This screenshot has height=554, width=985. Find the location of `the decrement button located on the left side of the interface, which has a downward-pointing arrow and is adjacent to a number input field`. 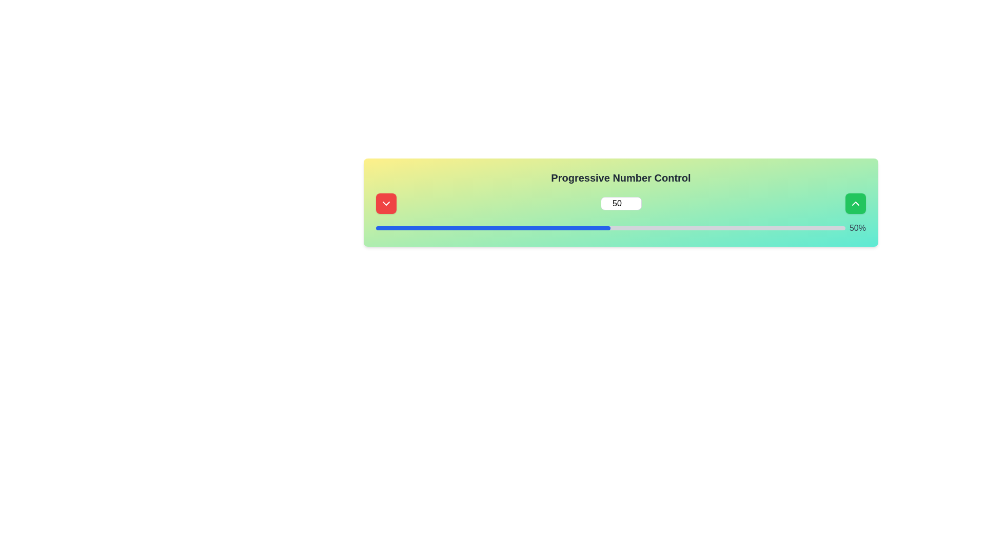

the decrement button located on the left side of the interface, which has a downward-pointing arrow and is adjacent to a number input field is located at coordinates (386, 204).